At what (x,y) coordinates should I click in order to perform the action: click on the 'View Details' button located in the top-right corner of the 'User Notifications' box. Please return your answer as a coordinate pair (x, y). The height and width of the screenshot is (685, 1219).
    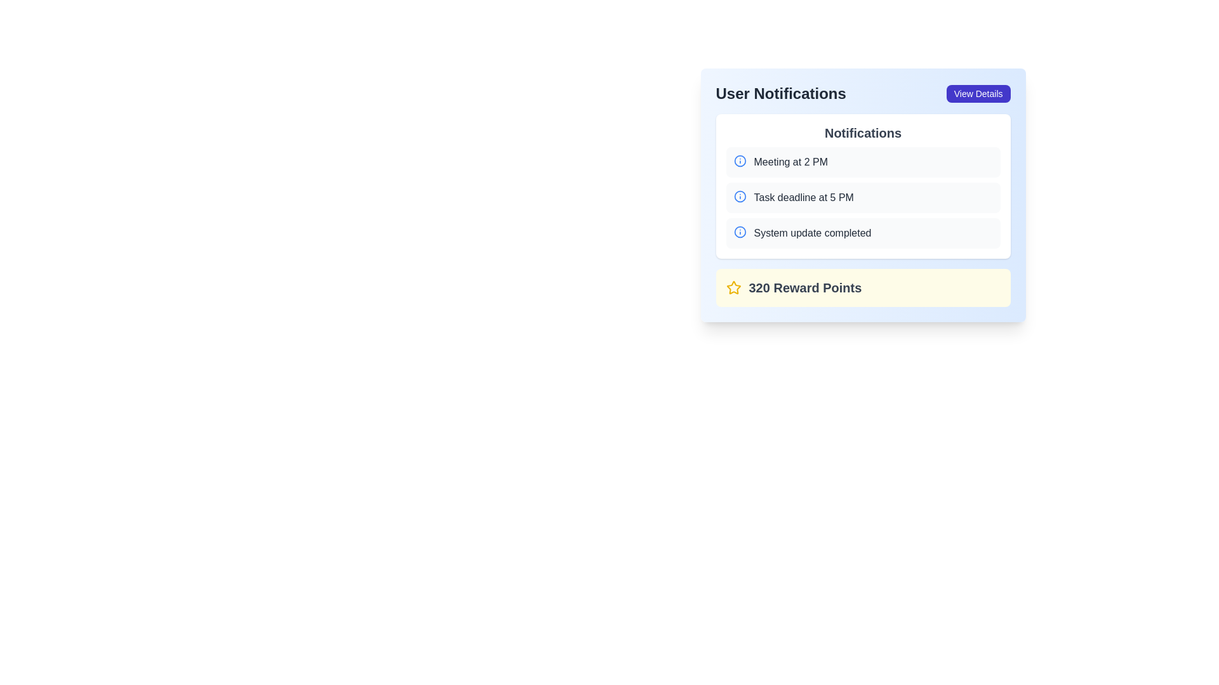
    Looking at the image, I should click on (978, 93).